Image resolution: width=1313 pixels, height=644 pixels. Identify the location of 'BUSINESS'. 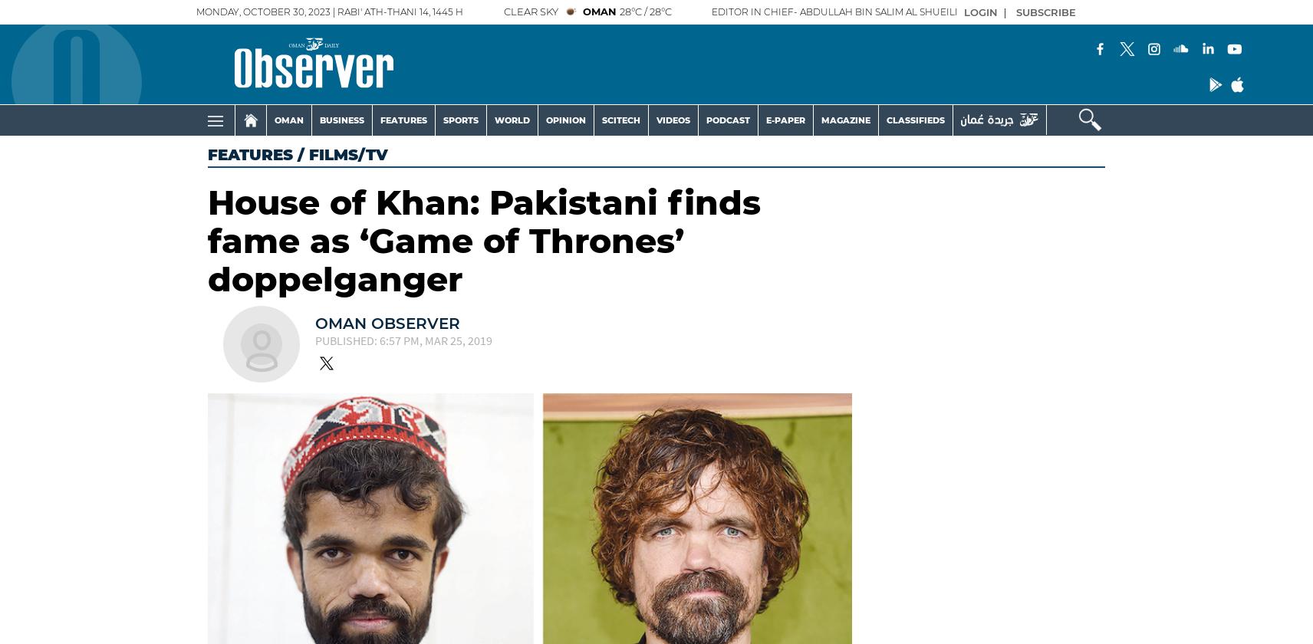
(341, 120).